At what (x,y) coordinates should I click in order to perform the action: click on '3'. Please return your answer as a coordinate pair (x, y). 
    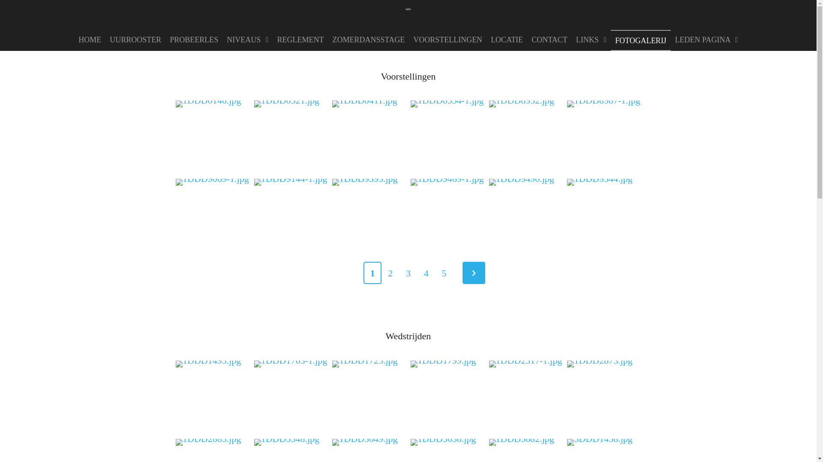
    Looking at the image, I should click on (408, 273).